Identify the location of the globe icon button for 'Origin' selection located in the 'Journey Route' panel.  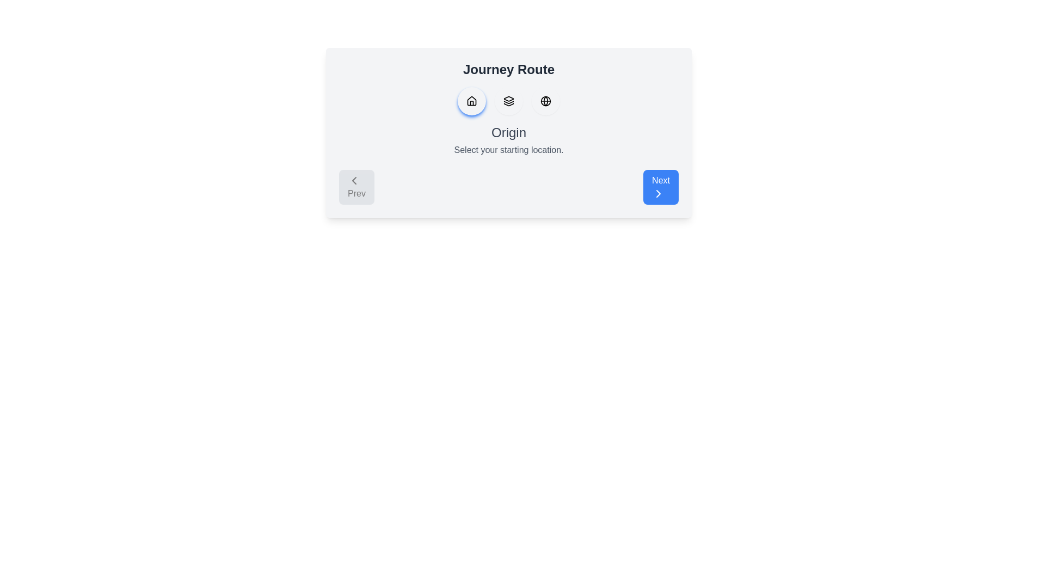
(546, 101).